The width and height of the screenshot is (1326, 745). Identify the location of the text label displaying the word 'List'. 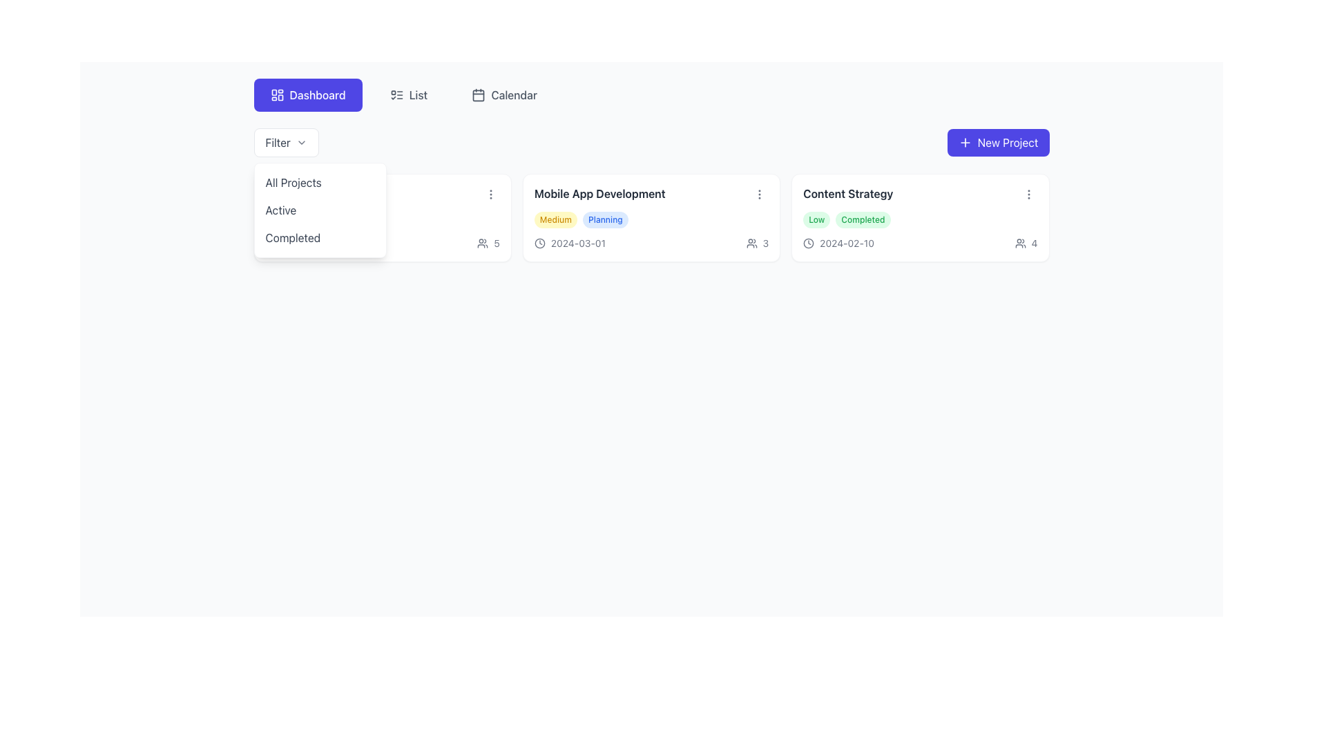
(417, 95).